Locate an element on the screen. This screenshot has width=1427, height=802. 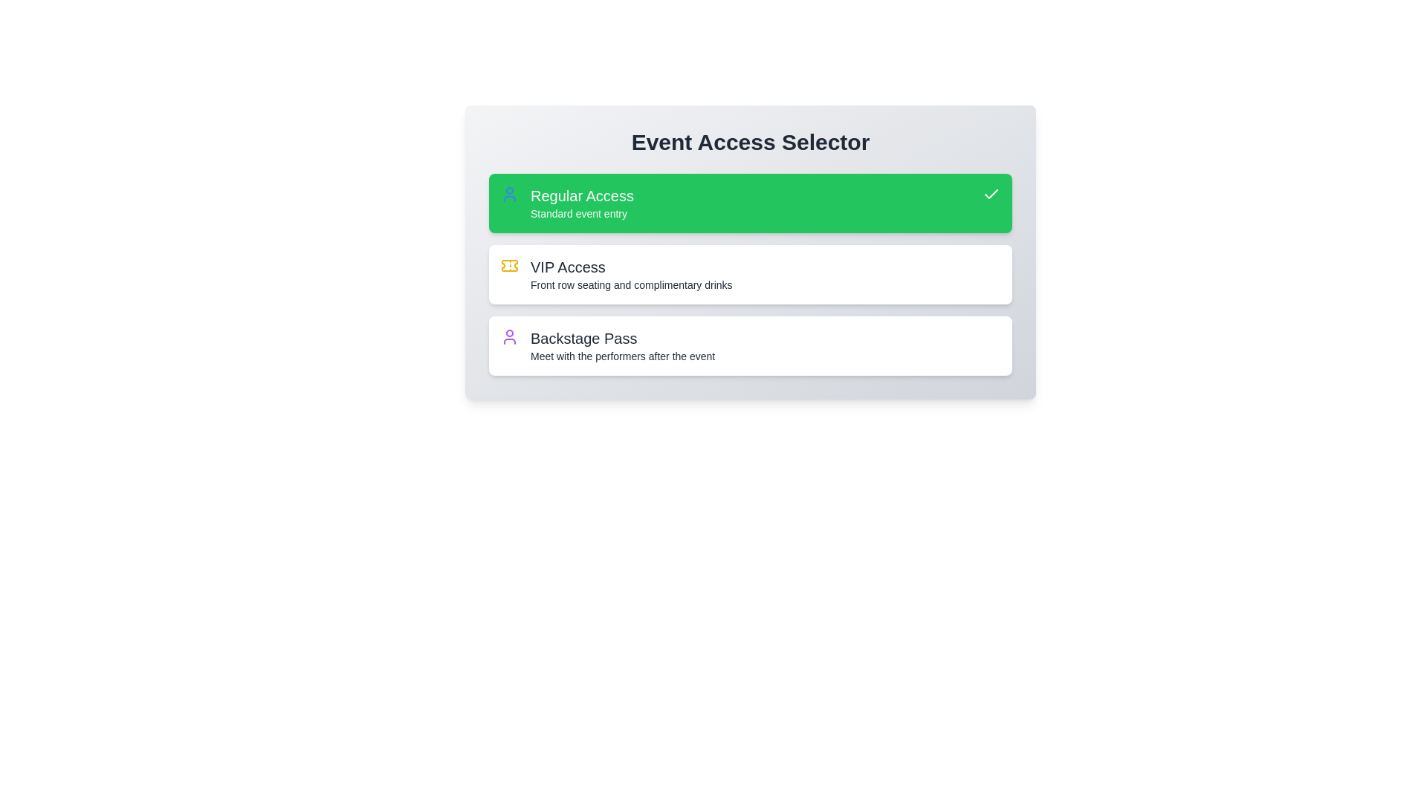
the 'Backstage Pass' button, which is the third option in a vertical stack, located below 'VIP Access' is located at coordinates (750, 346).